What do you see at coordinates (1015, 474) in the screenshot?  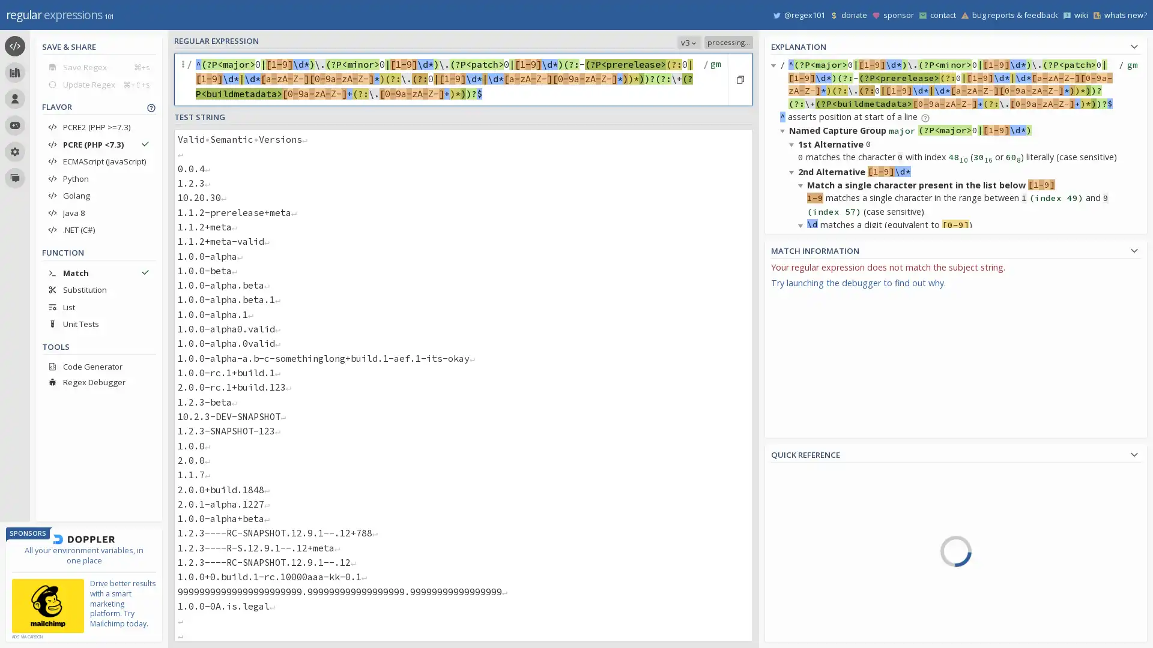 I see `A single character of: a, b or c [abc]` at bounding box center [1015, 474].